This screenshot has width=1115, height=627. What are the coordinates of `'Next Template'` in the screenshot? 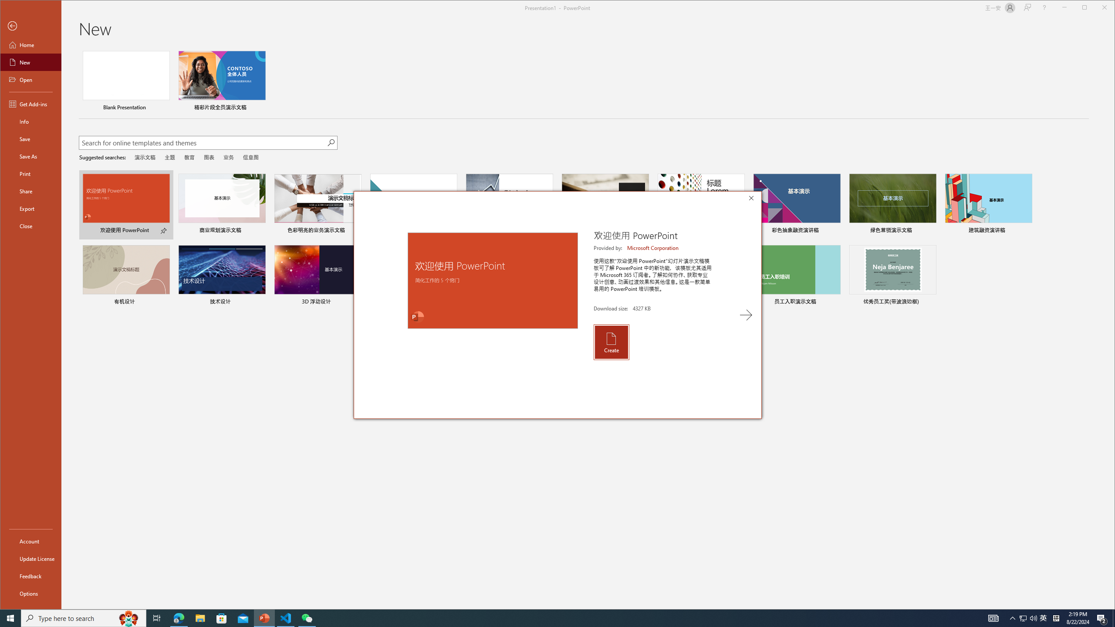 It's located at (746, 315).